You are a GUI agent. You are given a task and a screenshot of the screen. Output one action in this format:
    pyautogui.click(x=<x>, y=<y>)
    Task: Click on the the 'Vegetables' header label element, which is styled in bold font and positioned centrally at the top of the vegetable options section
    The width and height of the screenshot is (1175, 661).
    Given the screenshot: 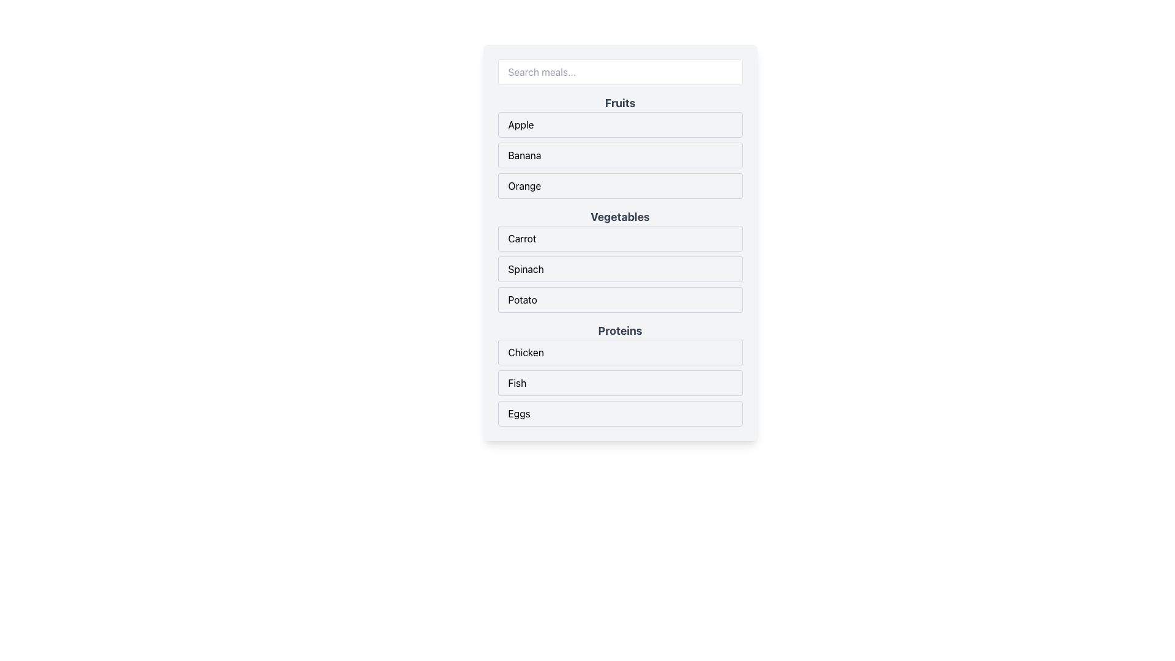 What is the action you would take?
    pyautogui.click(x=620, y=216)
    